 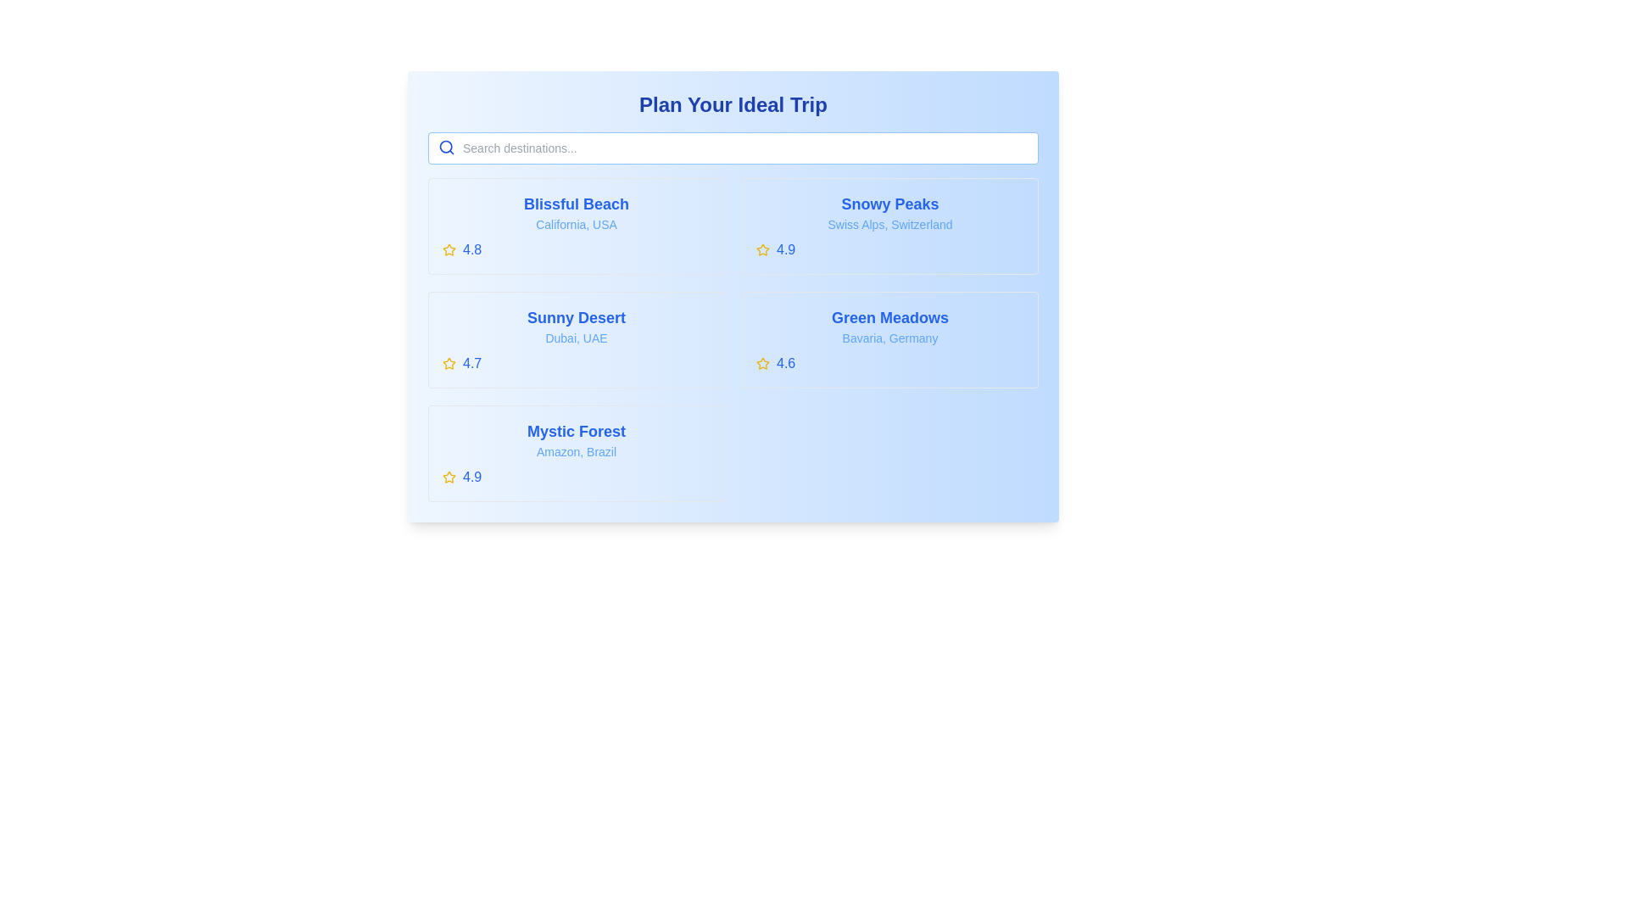 What do you see at coordinates (733, 104) in the screenshot?
I see `the Text Label element, which serves as a title or header for the content below, positioned centrally at the top of the layout` at bounding box center [733, 104].